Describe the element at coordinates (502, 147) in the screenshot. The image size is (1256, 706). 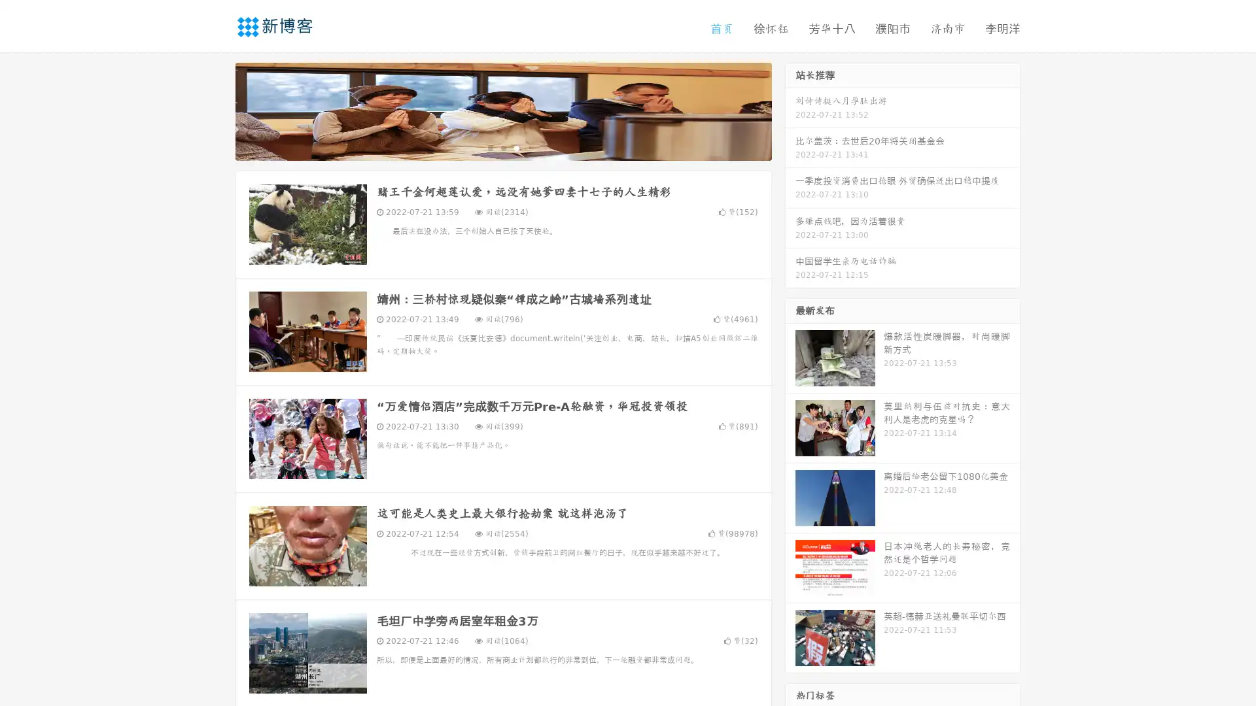
I see `Go to slide 2` at that location.